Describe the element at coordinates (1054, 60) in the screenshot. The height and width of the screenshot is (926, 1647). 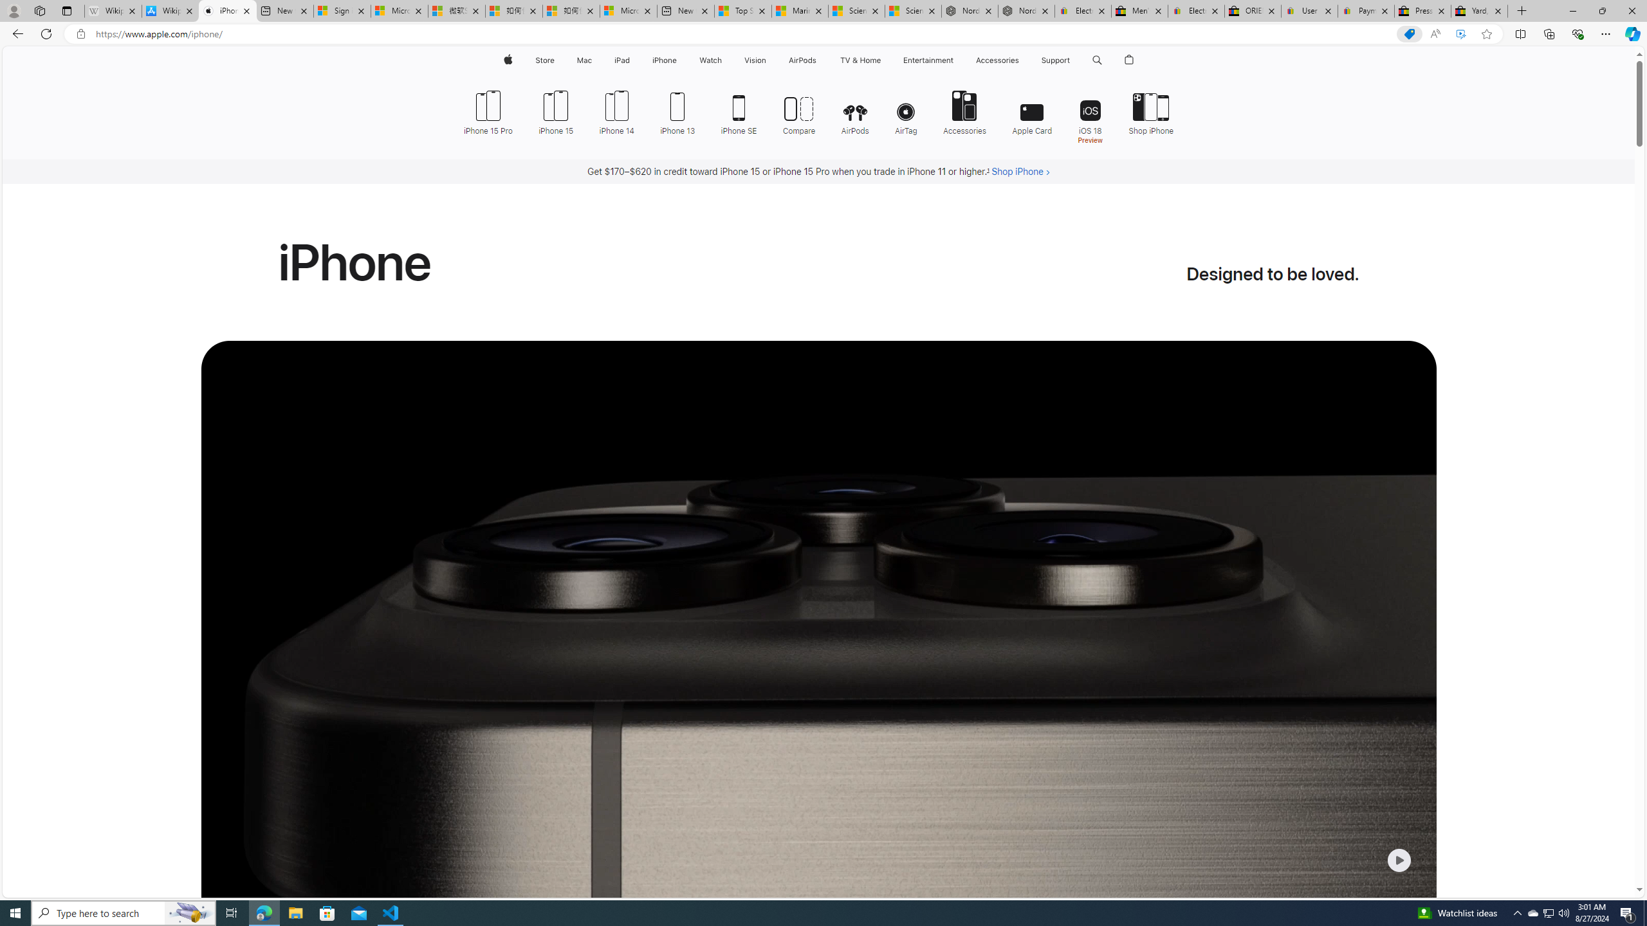
I see `'Support'` at that location.